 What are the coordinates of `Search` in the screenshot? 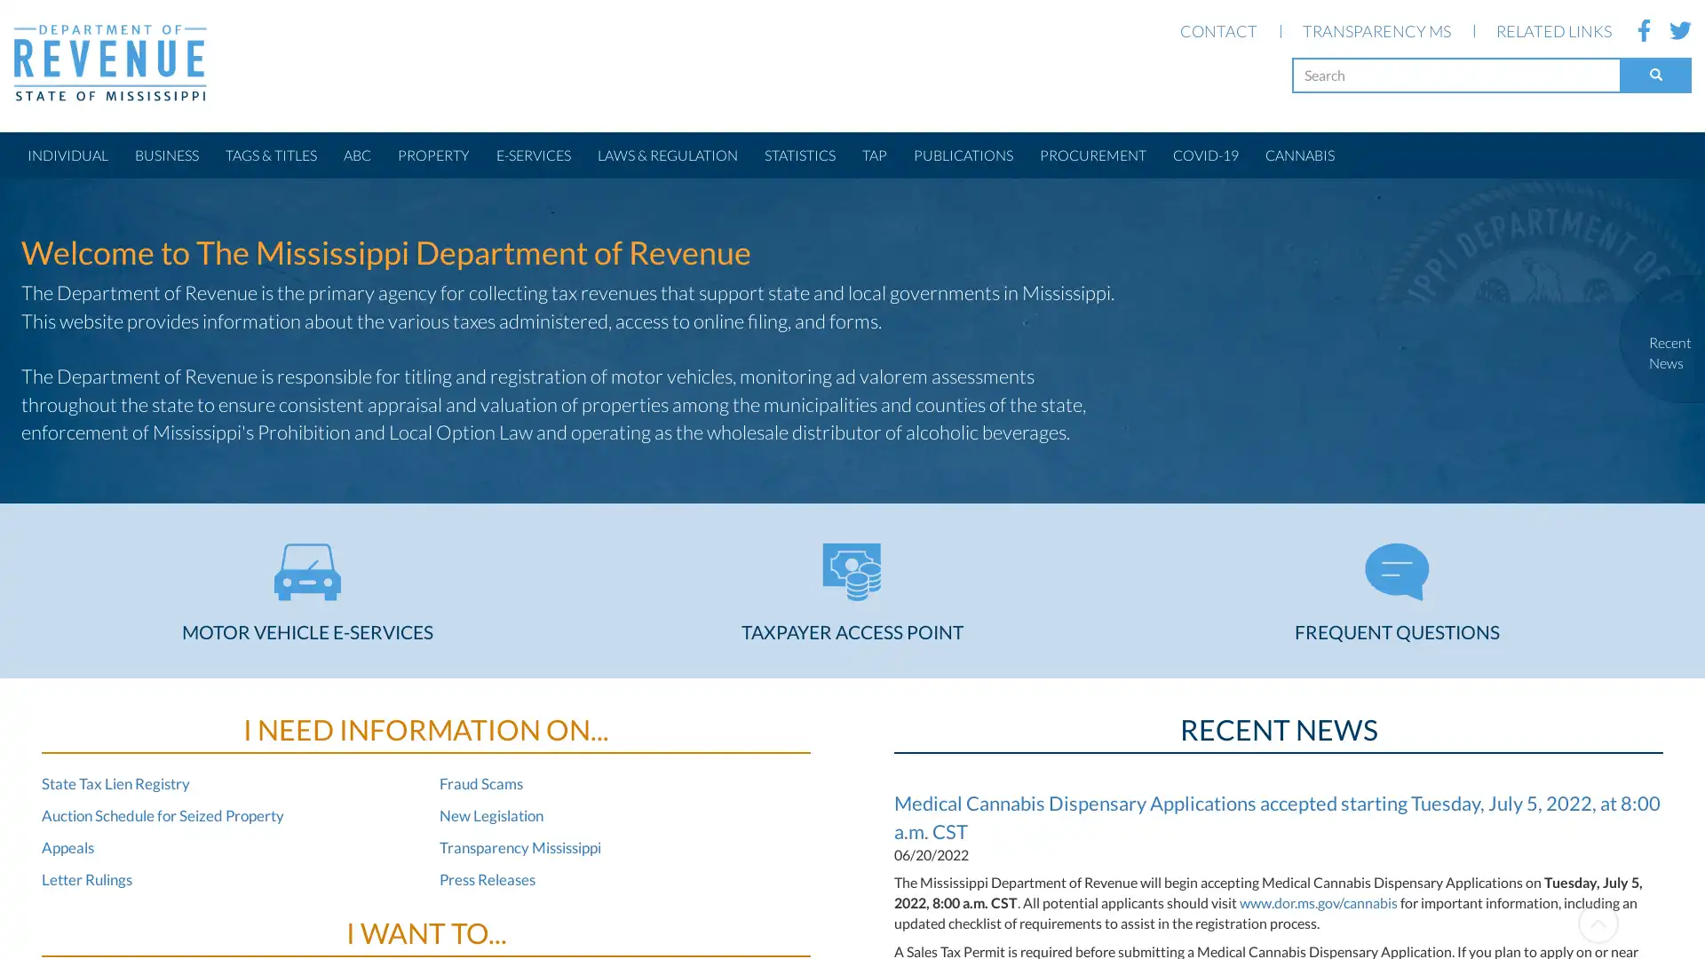 It's located at (1655, 74).